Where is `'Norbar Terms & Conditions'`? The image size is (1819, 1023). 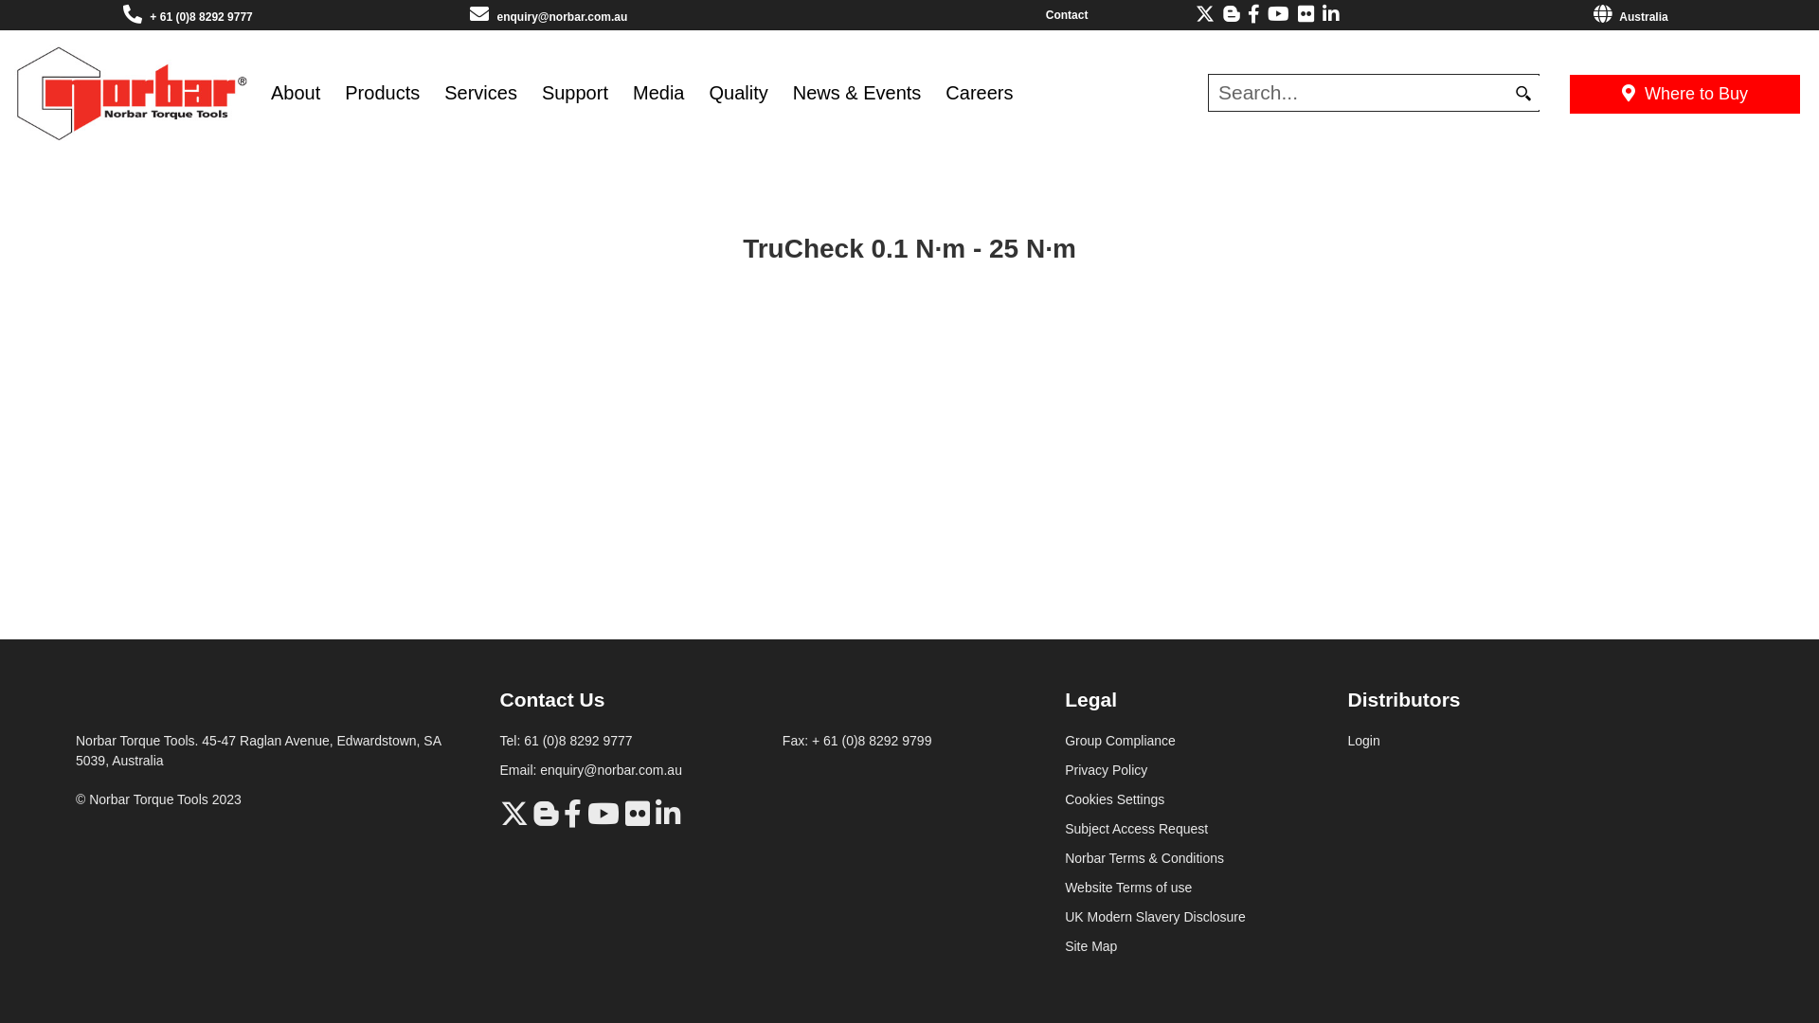 'Norbar Terms & Conditions' is located at coordinates (1144, 858).